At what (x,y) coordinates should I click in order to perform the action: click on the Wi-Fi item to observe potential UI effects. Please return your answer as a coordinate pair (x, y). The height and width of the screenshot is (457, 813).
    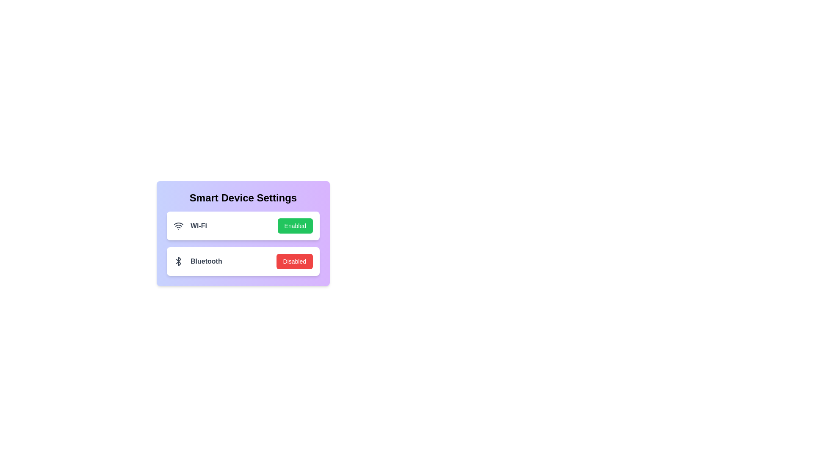
    Looking at the image, I should click on (243, 225).